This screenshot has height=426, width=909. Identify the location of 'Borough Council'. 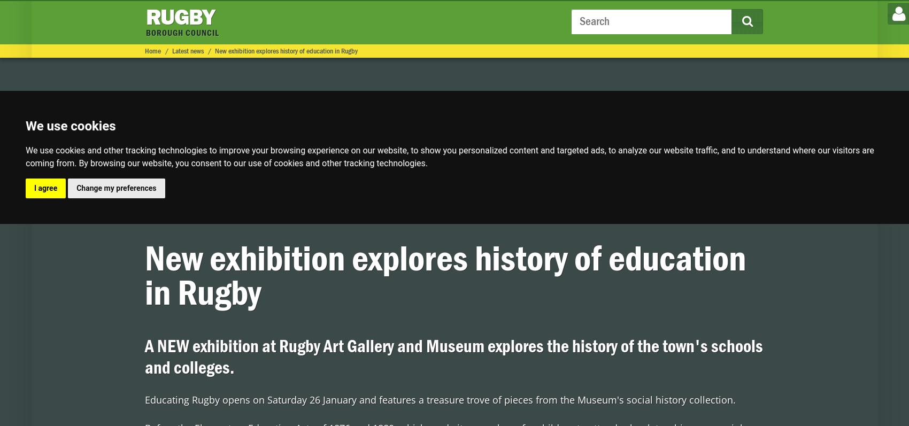
(200, 49).